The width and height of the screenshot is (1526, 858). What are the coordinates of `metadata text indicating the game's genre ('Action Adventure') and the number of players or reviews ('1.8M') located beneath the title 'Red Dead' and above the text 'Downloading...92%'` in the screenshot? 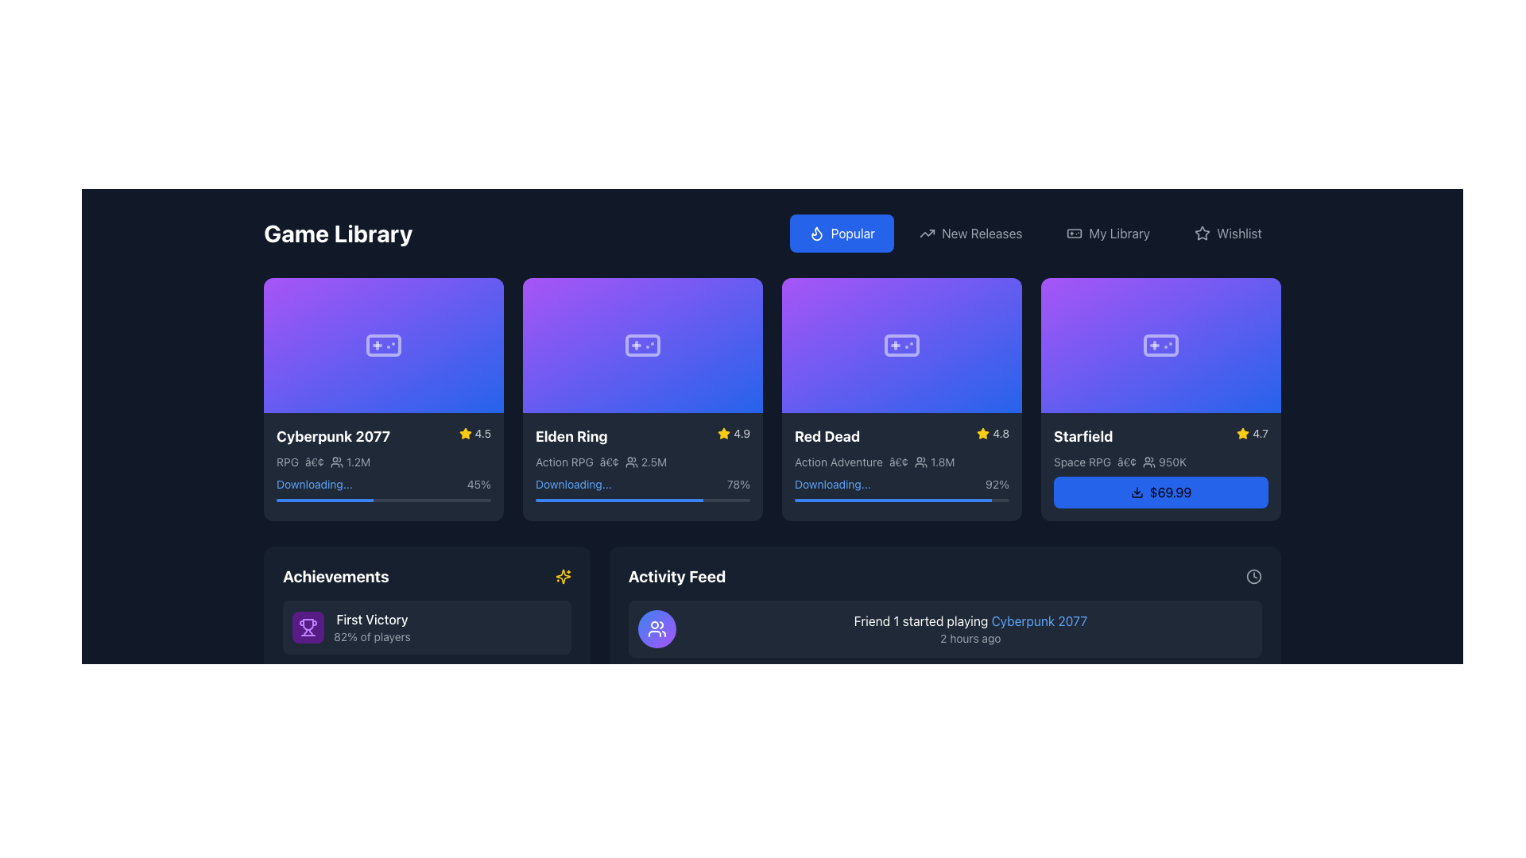 It's located at (901, 462).